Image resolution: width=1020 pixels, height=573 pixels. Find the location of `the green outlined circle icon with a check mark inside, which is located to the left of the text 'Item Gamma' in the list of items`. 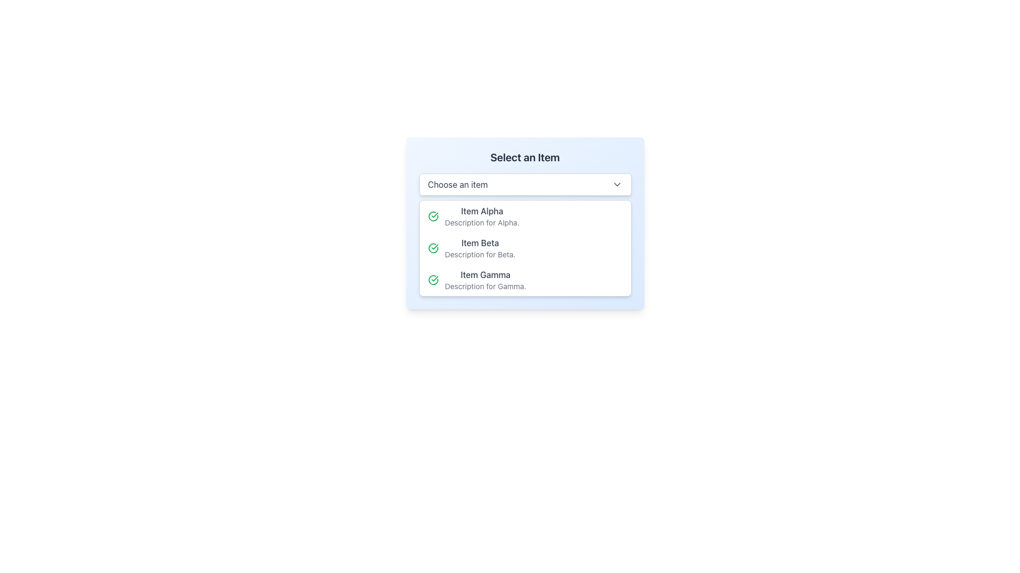

the green outlined circle icon with a check mark inside, which is located to the left of the text 'Item Gamma' in the list of items is located at coordinates (433, 280).